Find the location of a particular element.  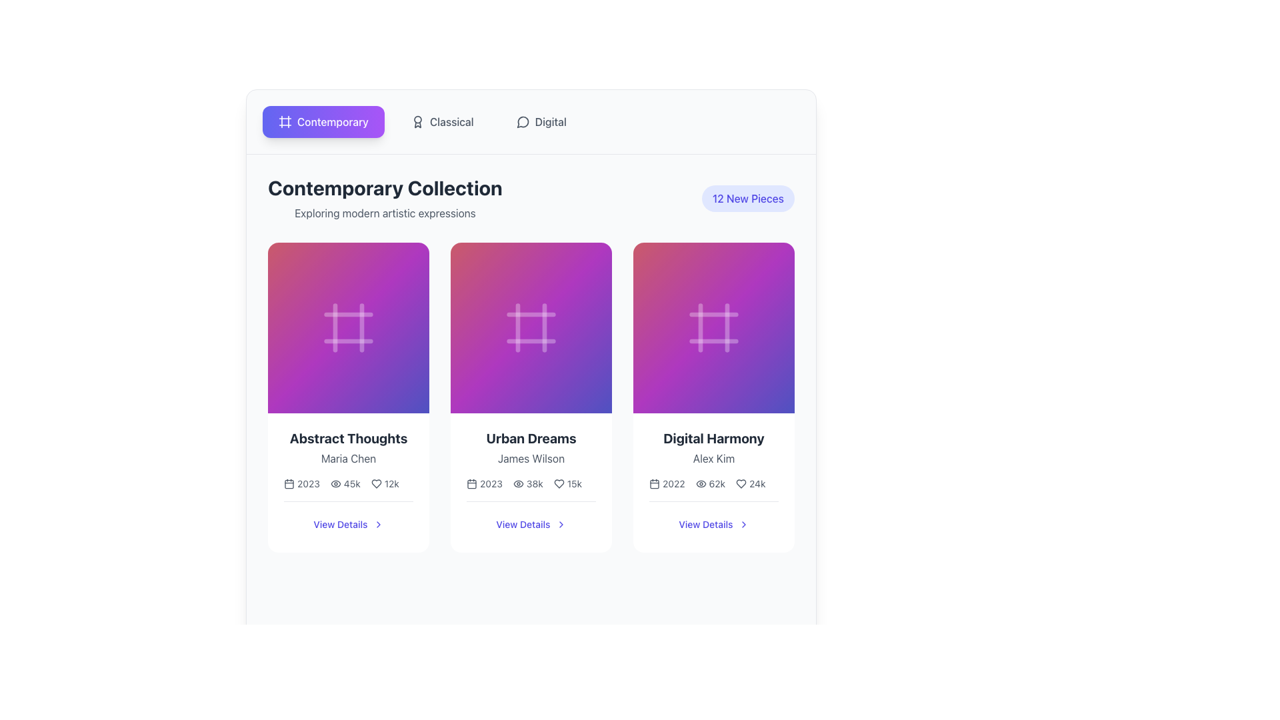

the eye icon representing the visibility feature located to the left of the '38k' text in the 'Urban Dreams' card is located at coordinates (517, 483).